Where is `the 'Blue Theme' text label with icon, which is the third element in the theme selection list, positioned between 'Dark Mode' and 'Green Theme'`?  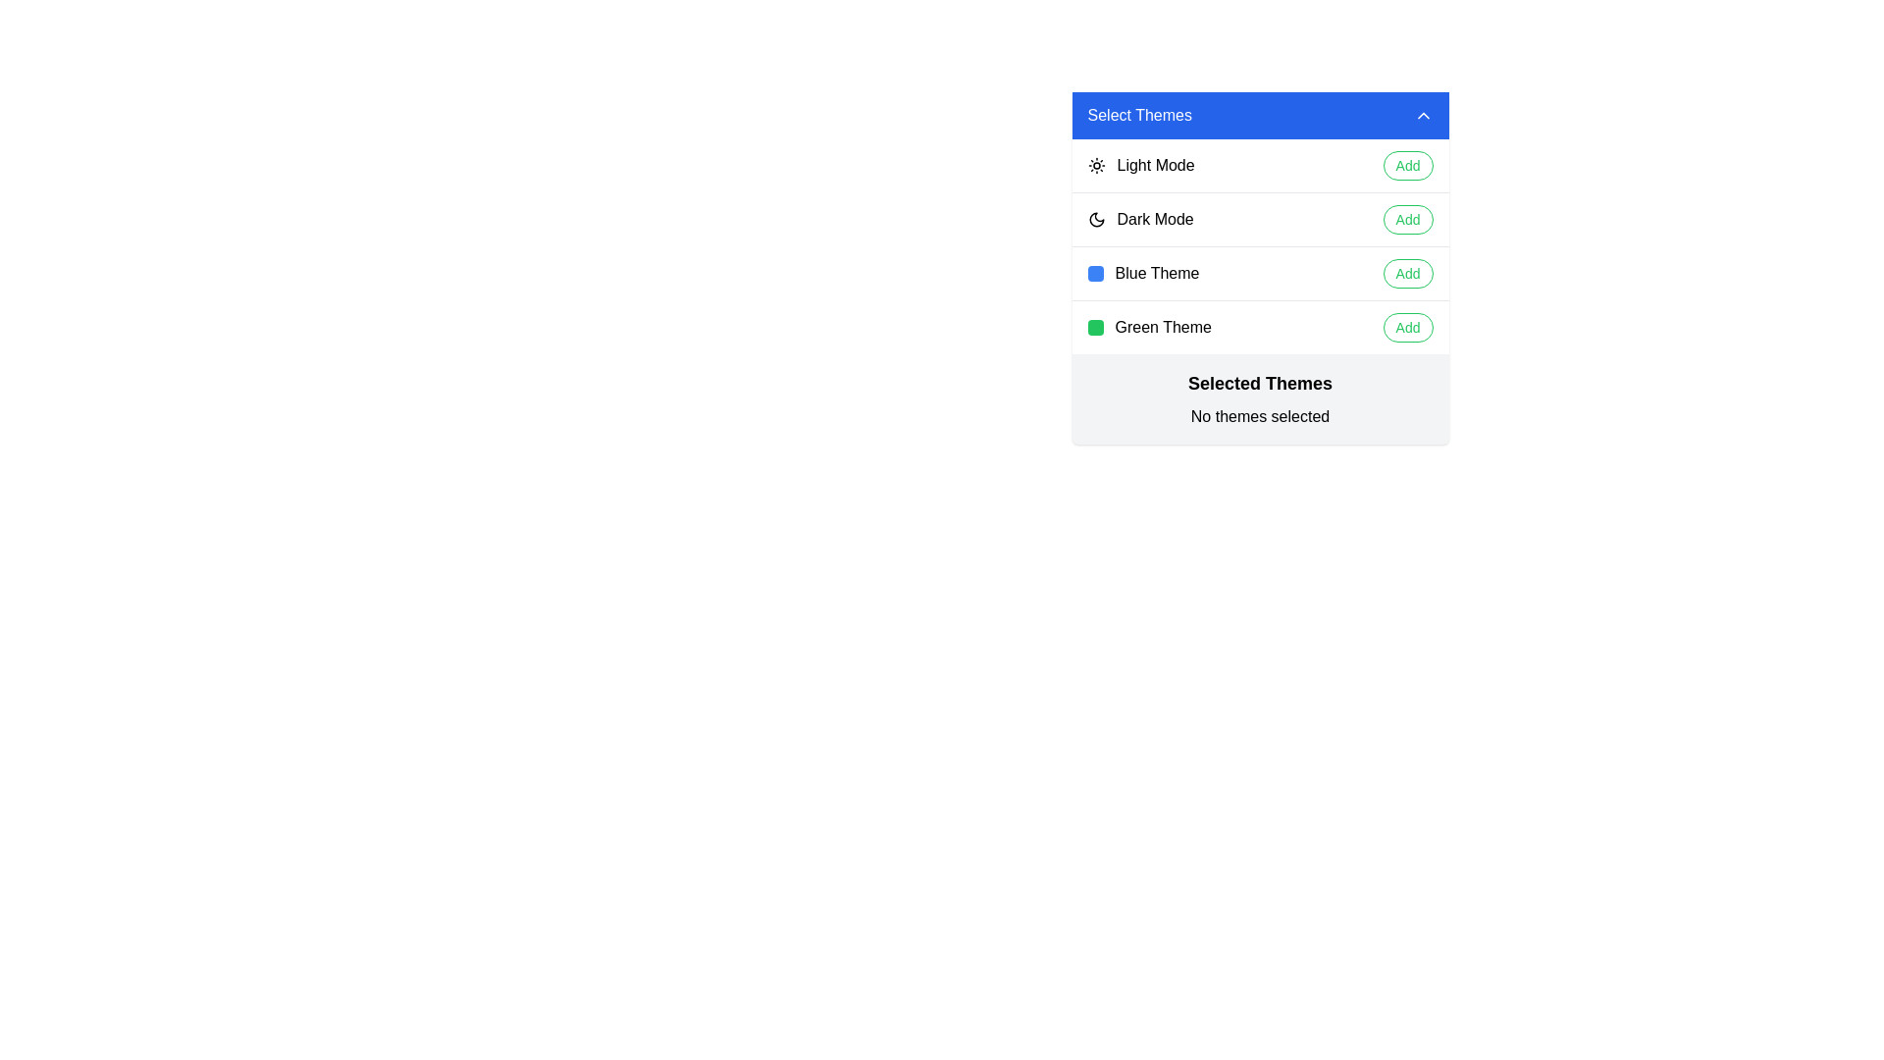 the 'Blue Theme' text label with icon, which is the third element in the theme selection list, positioned between 'Dark Mode' and 'Green Theme' is located at coordinates (1143, 273).